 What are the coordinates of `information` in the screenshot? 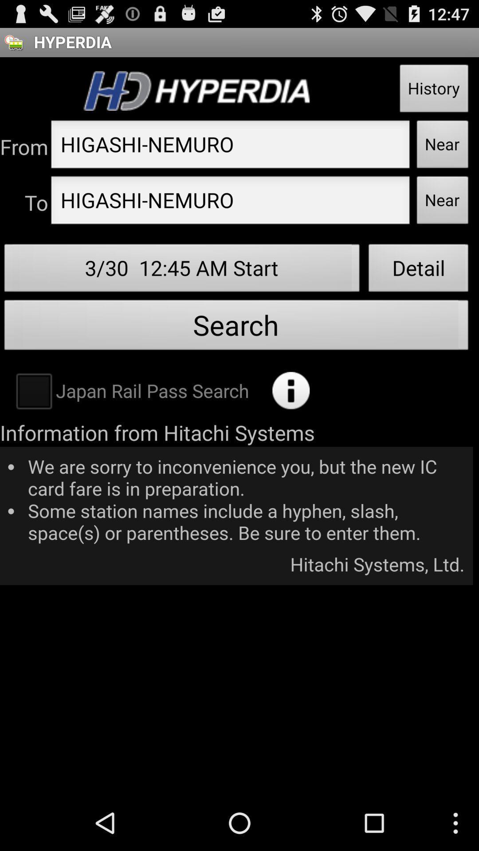 It's located at (291, 390).